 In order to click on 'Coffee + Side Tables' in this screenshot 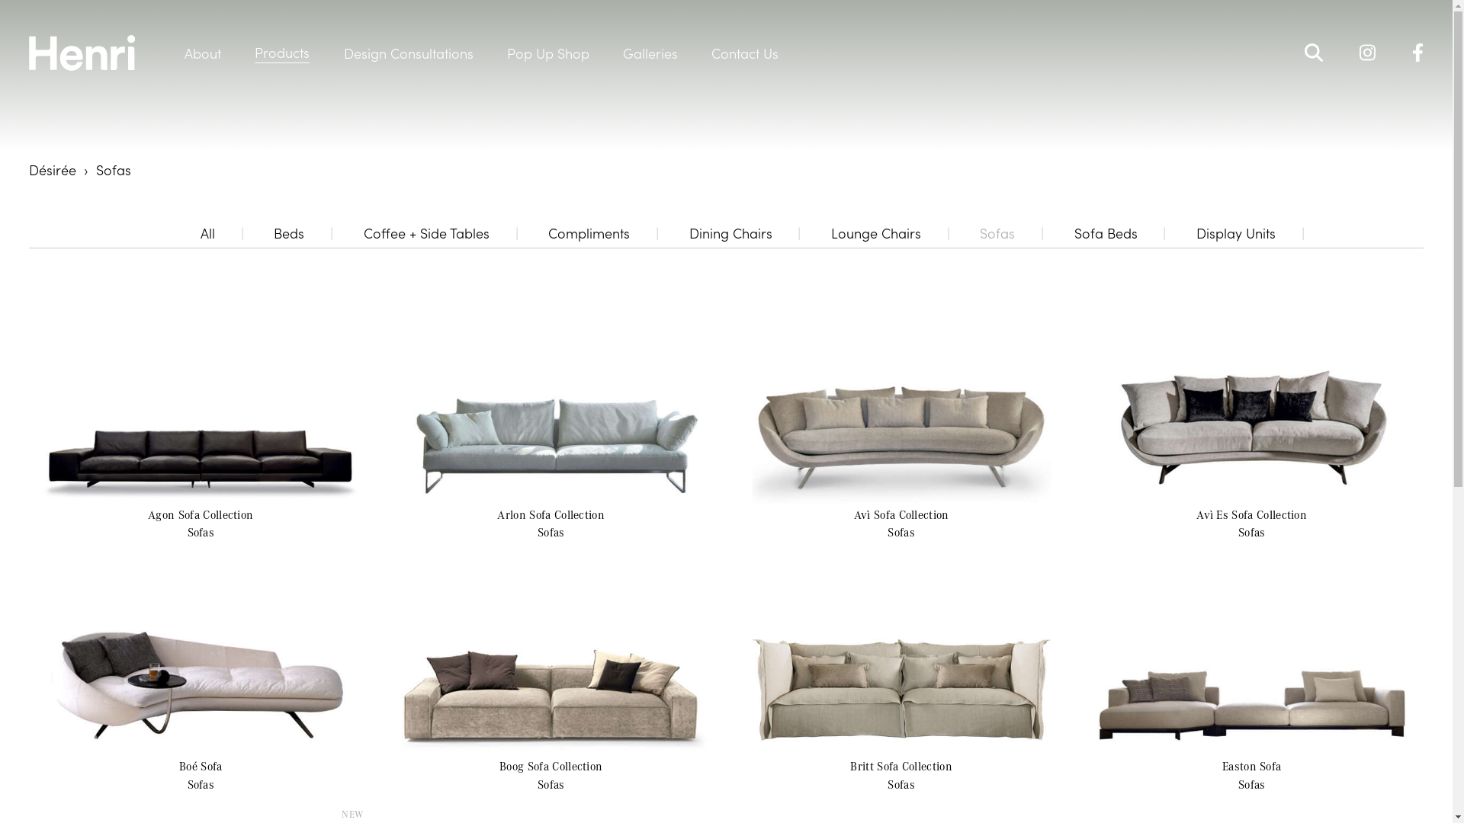, I will do `click(362, 232)`.